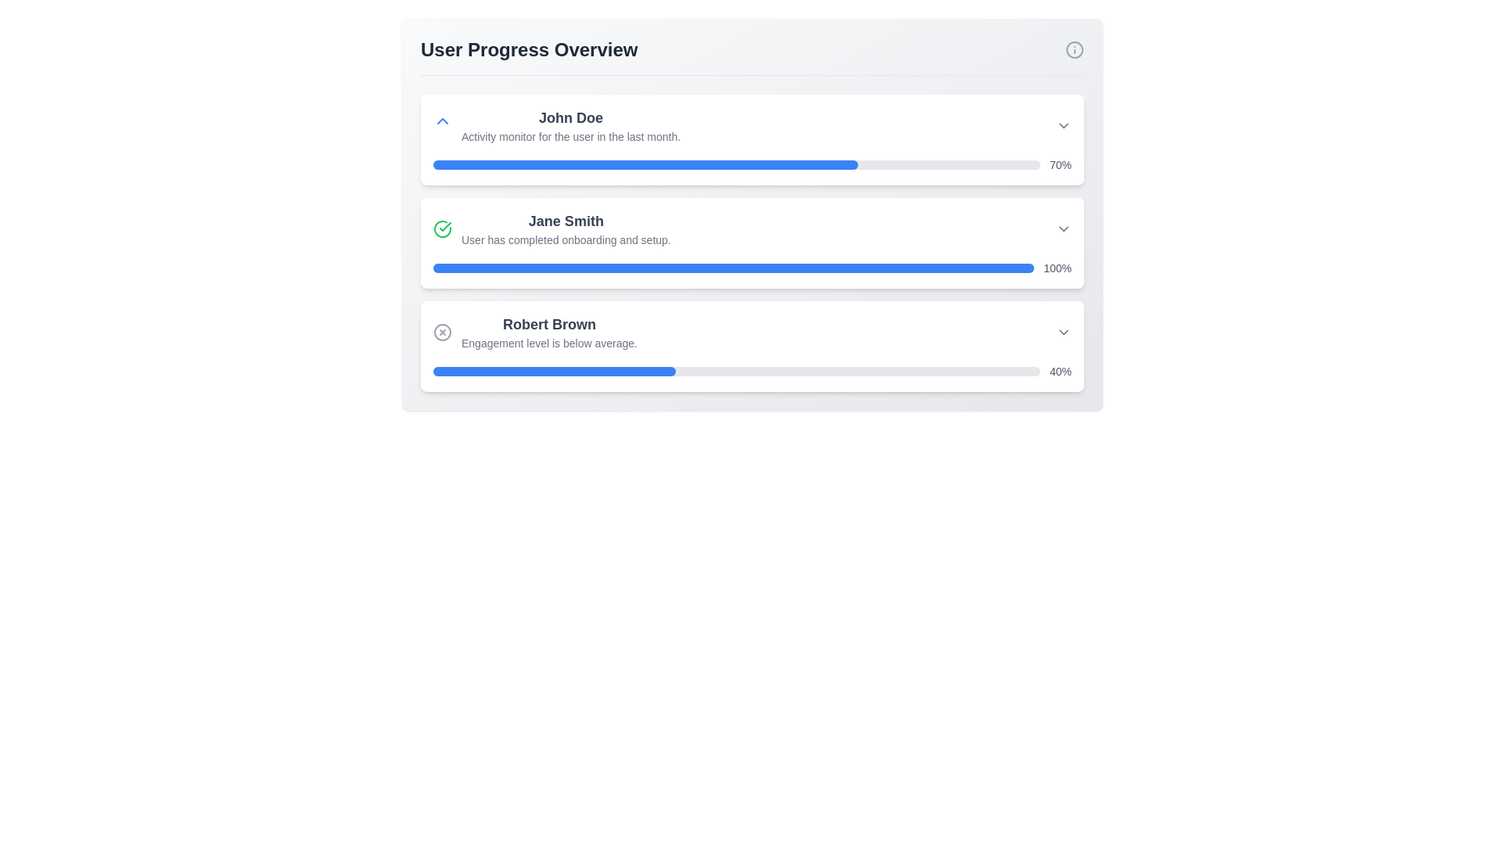 The width and height of the screenshot is (1502, 845). Describe the element at coordinates (1073, 49) in the screenshot. I see `the SVG icon representing the informational or help indicator located at the far right end of the 'User Progress Overview' header` at that location.